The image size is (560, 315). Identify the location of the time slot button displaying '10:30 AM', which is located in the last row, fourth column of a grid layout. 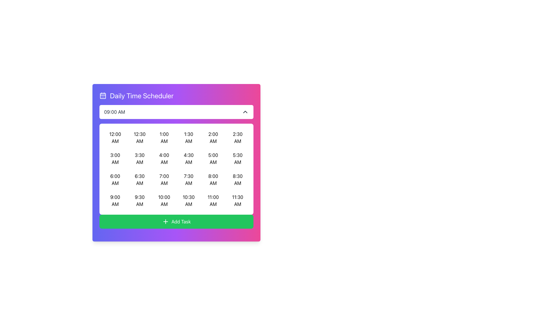
(189, 200).